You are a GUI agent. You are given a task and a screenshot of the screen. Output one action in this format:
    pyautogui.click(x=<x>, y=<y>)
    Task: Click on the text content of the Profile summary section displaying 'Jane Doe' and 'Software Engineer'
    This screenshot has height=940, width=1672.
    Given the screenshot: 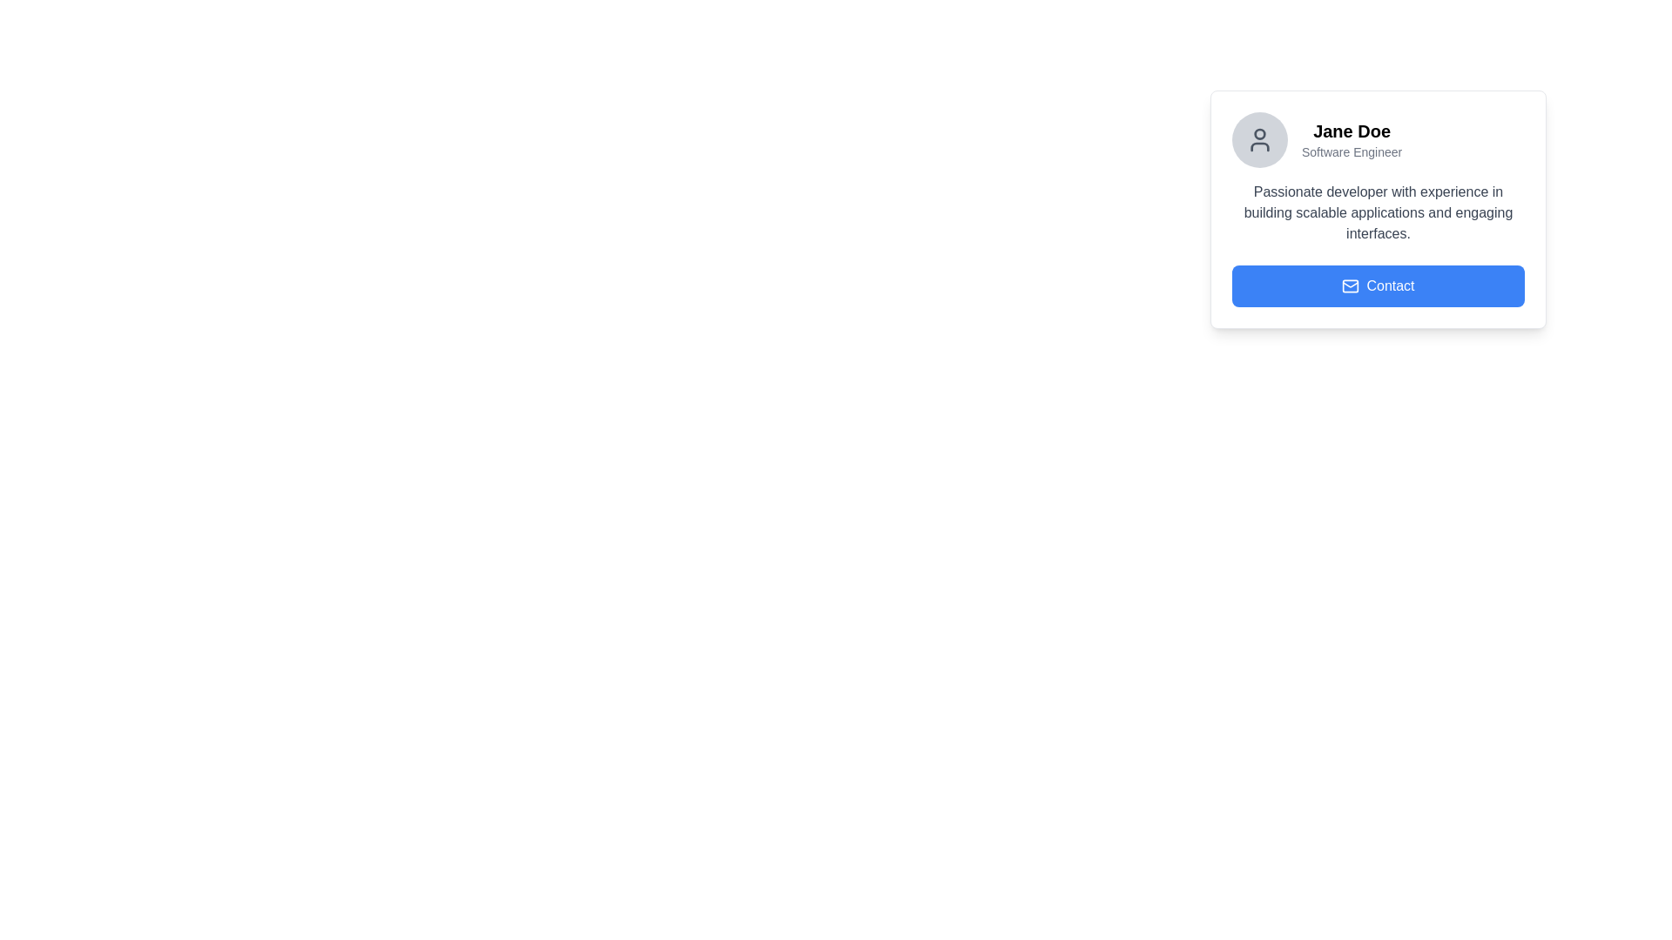 What is the action you would take?
    pyautogui.click(x=1378, y=139)
    